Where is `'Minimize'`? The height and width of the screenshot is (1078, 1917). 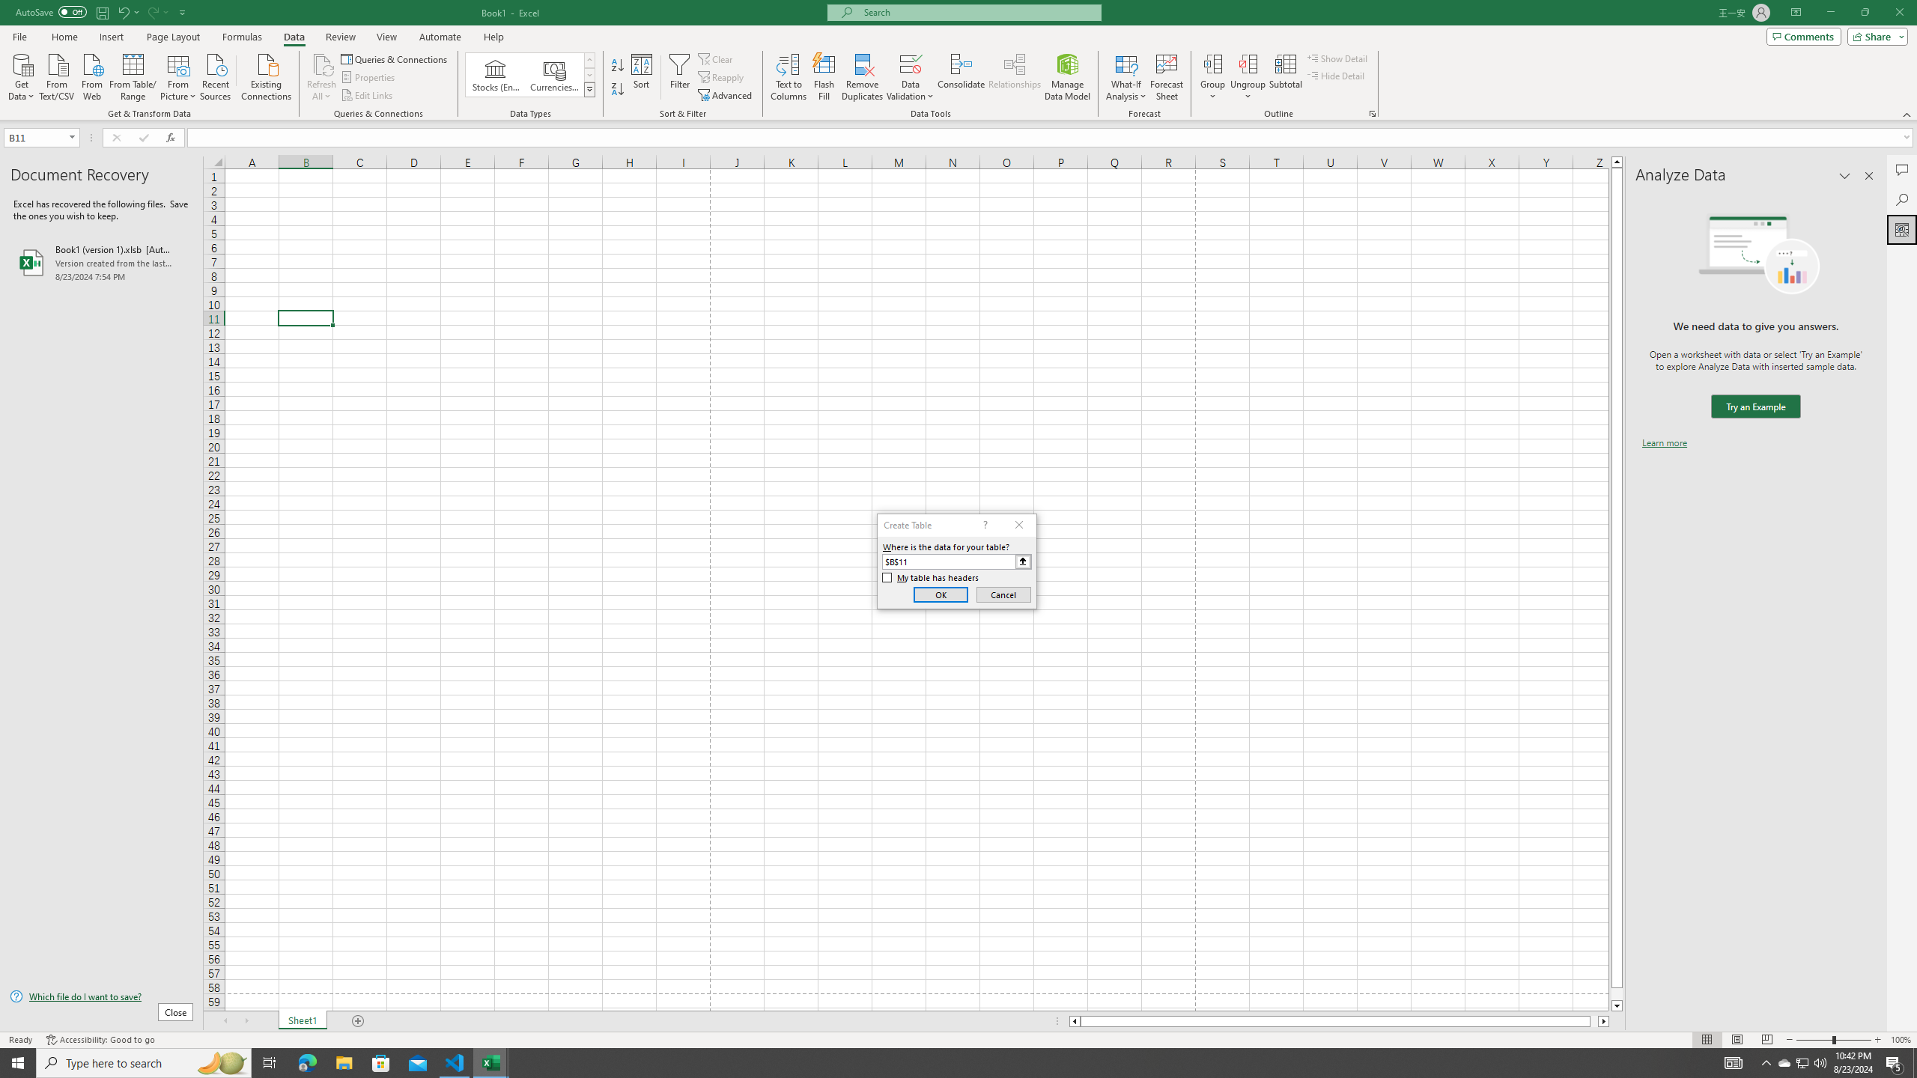 'Minimize' is located at coordinates (1829, 12).